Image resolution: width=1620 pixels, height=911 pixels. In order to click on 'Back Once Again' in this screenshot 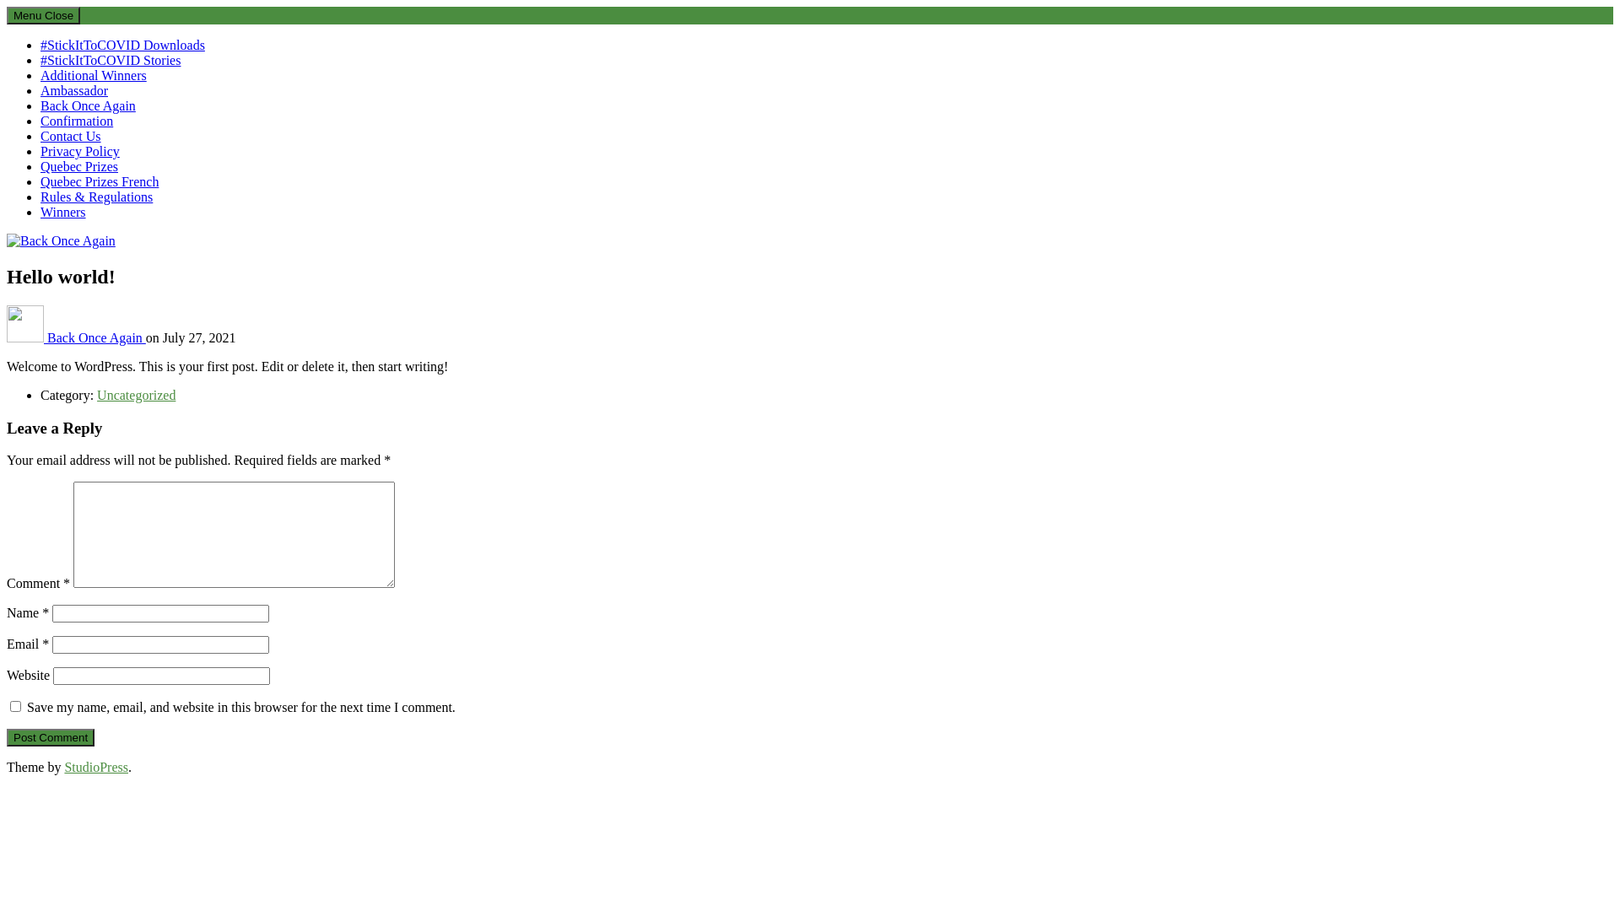, I will do `click(95, 337)`.